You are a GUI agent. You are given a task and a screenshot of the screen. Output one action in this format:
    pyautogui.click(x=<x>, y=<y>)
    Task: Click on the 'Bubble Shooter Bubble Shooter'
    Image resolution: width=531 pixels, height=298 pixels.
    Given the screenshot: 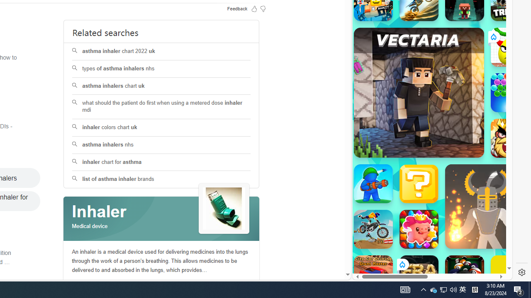 What is the action you would take?
    pyautogui.click(x=510, y=92)
    